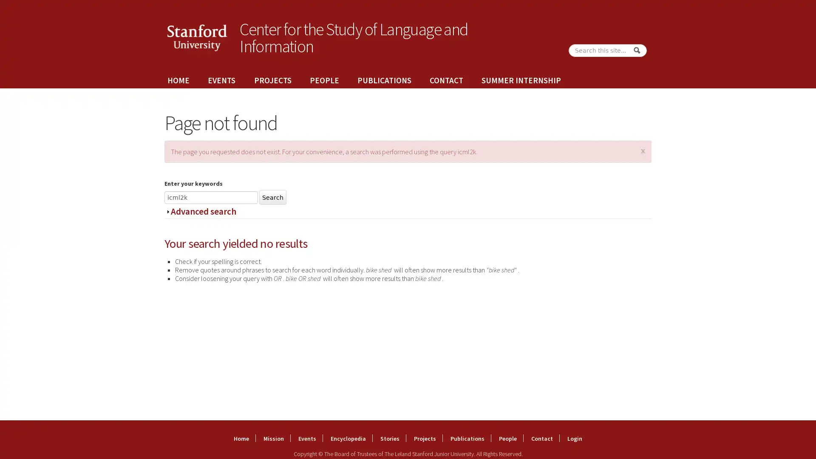 This screenshot has height=459, width=816. I want to click on Search, so click(636, 50).